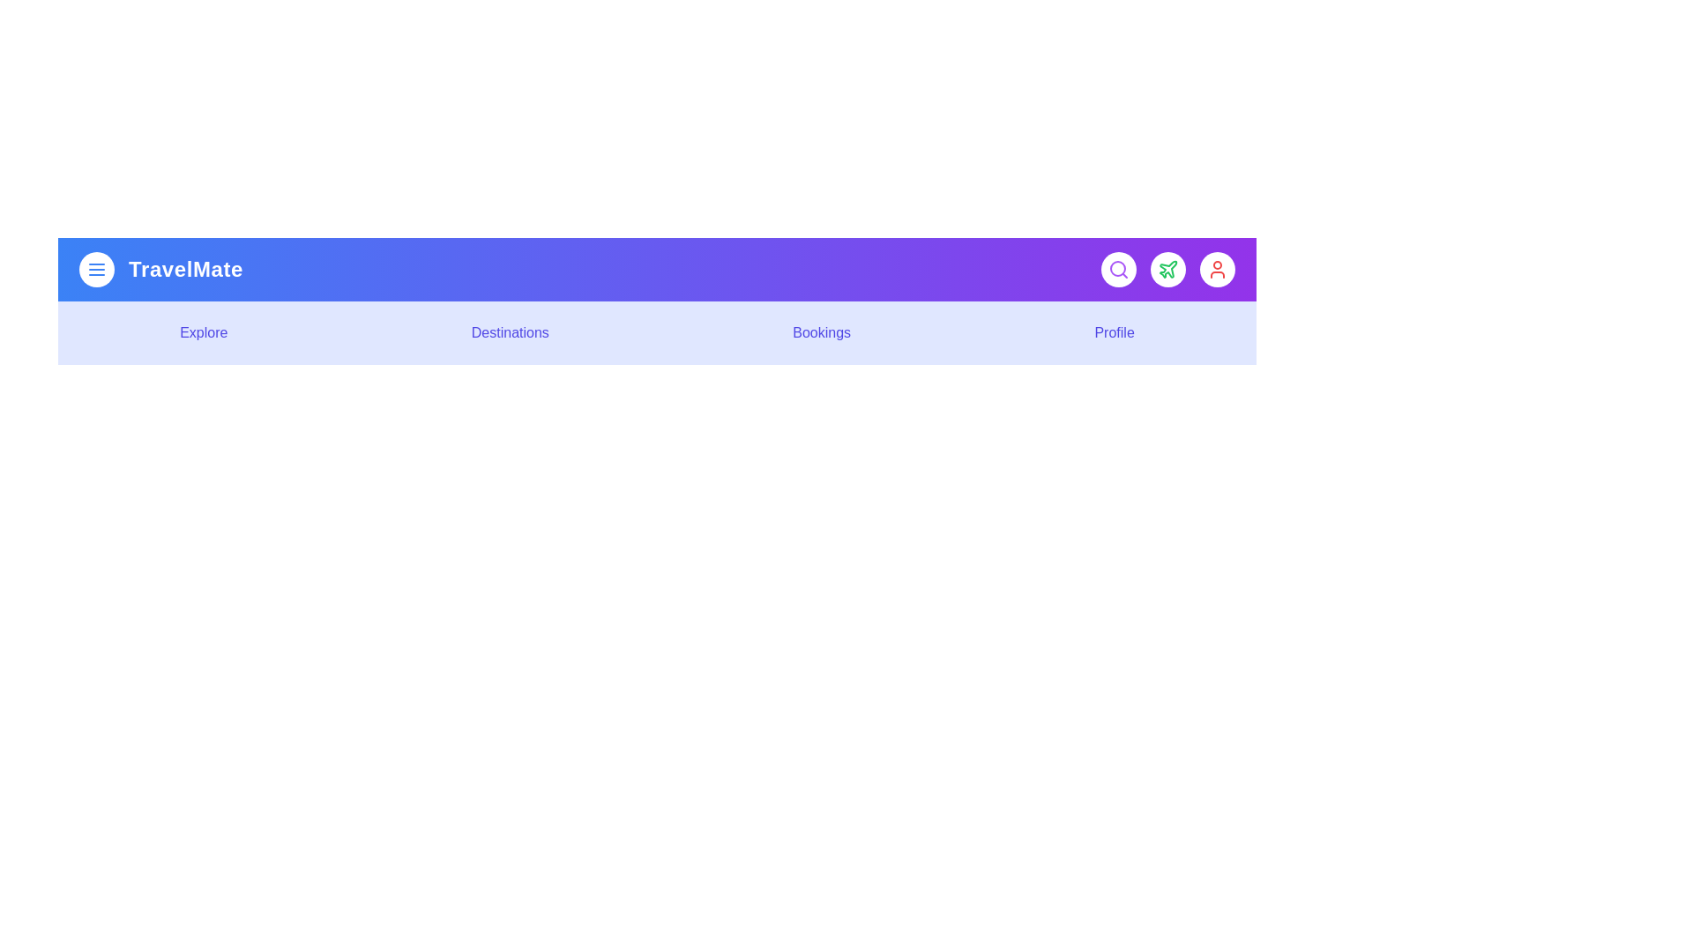  I want to click on the interactive element Destinations Menu Item to observe visual feedback, so click(508, 333).